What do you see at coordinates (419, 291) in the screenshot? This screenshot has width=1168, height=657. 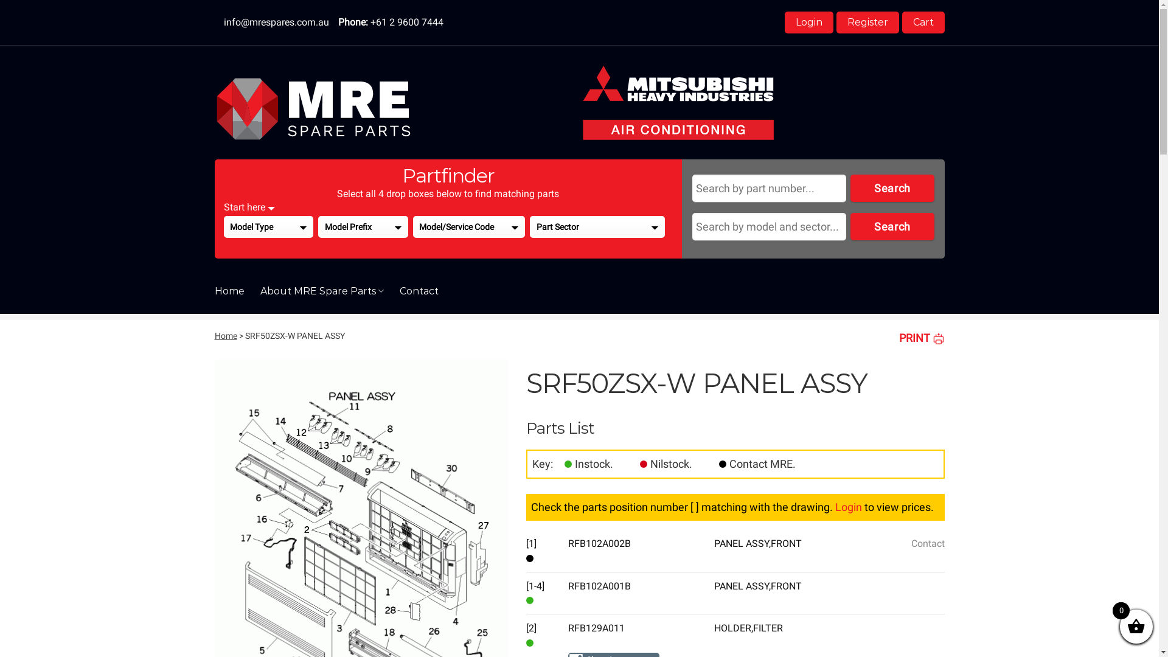 I see `'Contact'` at bounding box center [419, 291].